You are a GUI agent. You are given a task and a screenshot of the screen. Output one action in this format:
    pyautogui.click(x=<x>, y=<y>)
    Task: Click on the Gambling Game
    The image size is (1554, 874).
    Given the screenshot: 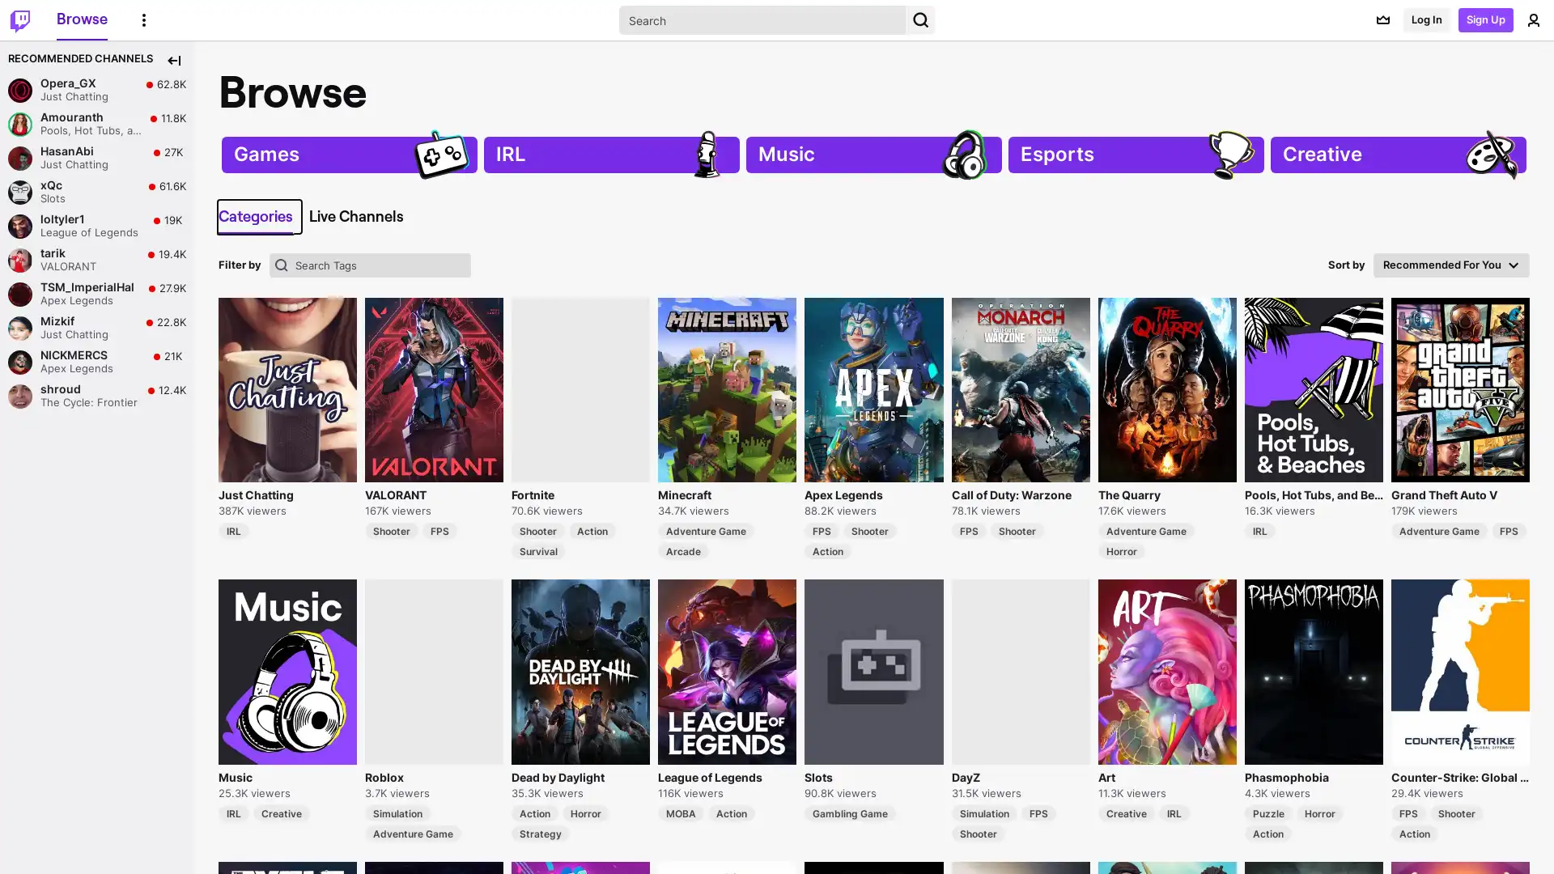 What is the action you would take?
    pyautogui.click(x=849, y=813)
    